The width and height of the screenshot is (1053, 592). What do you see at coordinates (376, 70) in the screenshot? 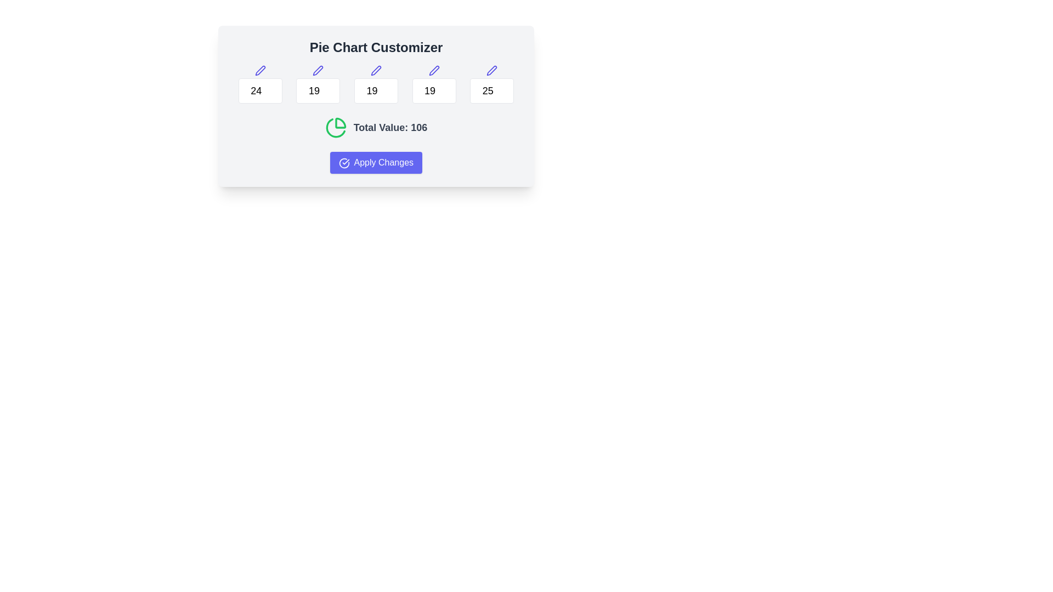
I see `the first indigo pen icon representing an editable action located above the numeric input fields` at bounding box center [376, 70].